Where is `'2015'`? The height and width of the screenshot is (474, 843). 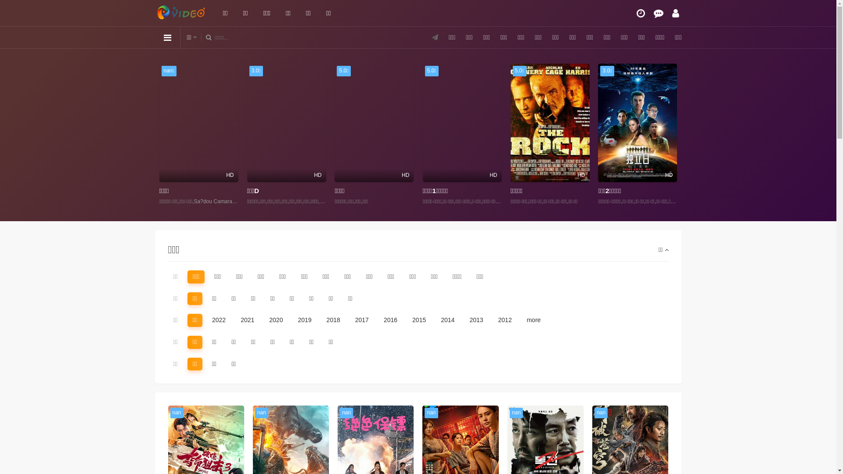 '2015' is located at coordinates (406, 320).